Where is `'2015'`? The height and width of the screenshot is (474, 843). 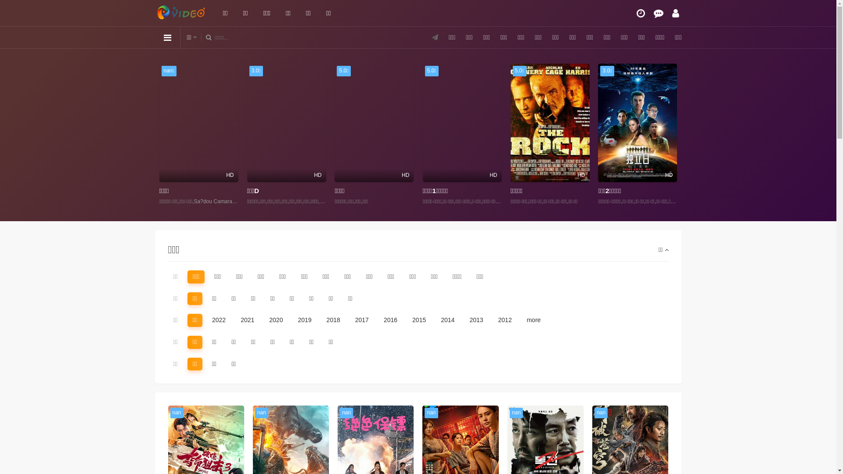 '2015' is located at coordinates (406, 320).